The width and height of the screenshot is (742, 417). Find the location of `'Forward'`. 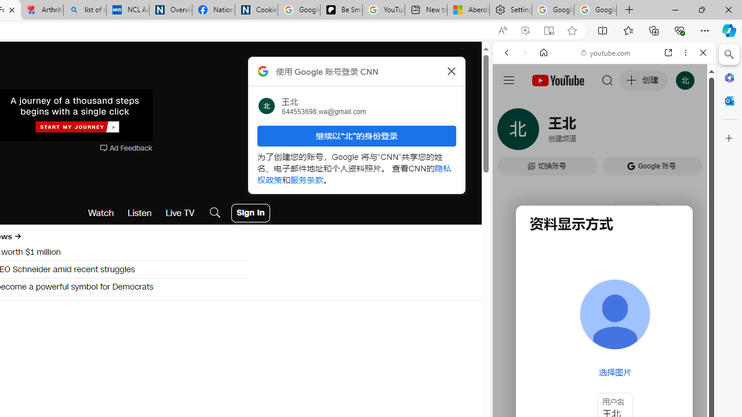

'Forward' is located at coordinates (525, 53).